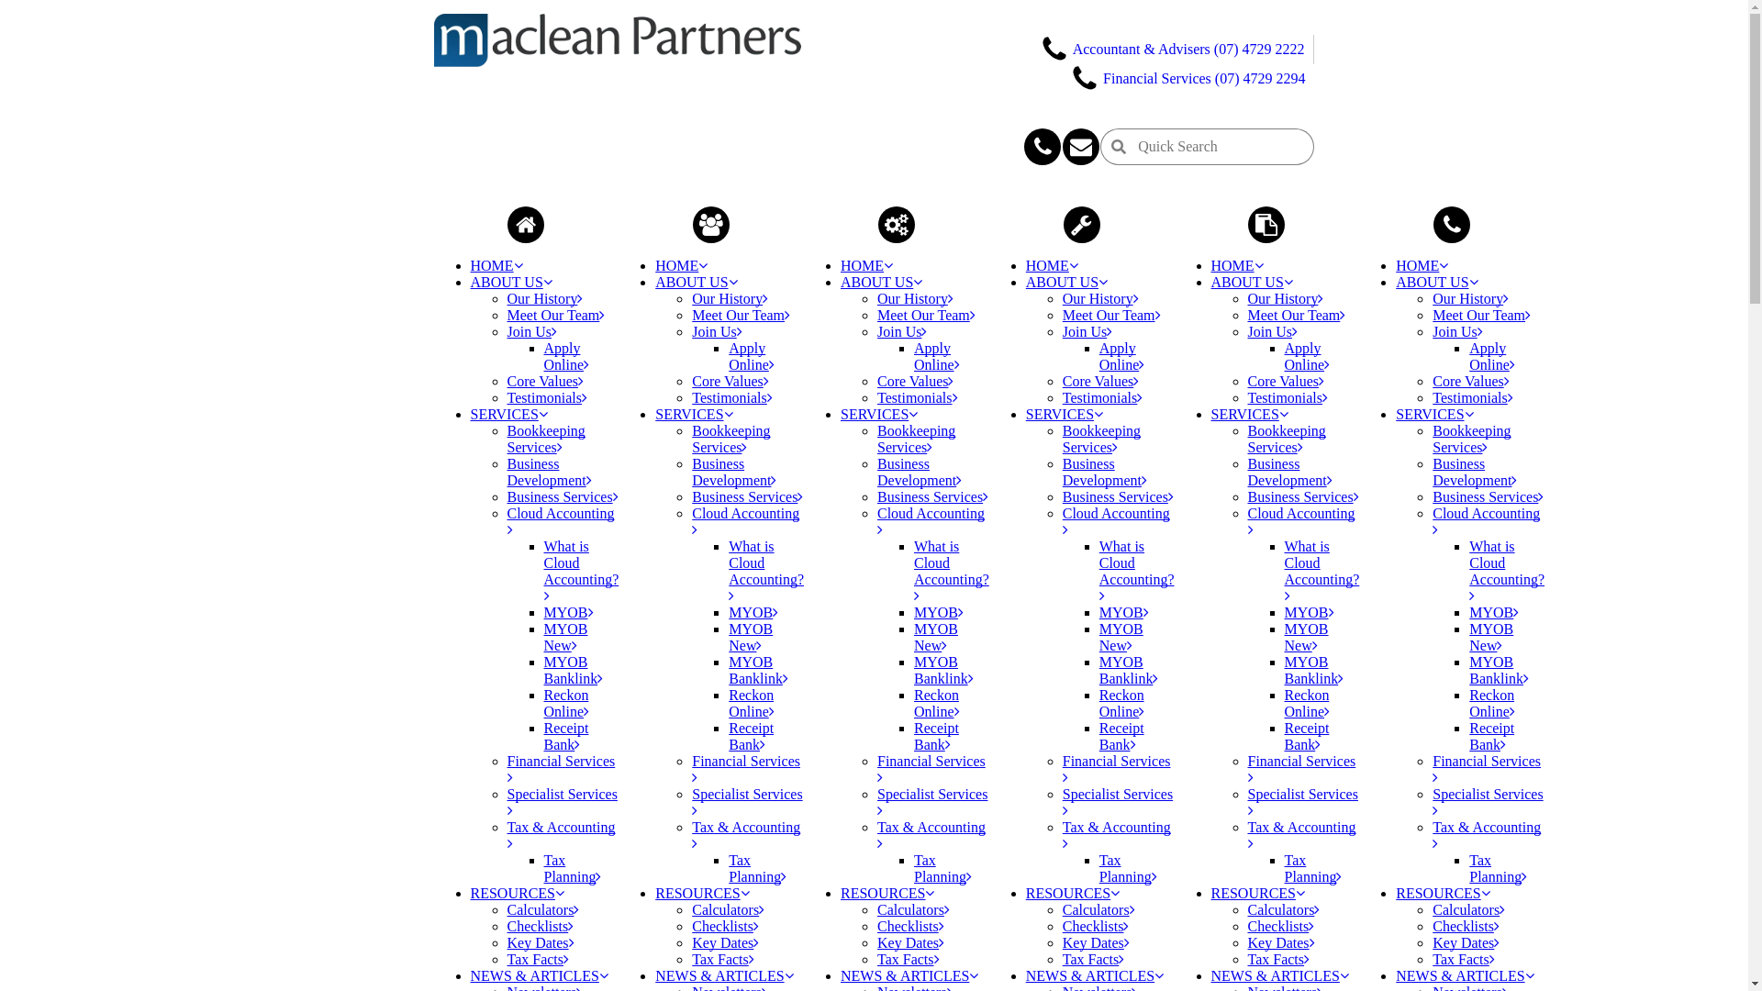 Image resolution: width=1762 pixels, height=991 pixels. I want to click on 'SERVICES', so click(693, 414).